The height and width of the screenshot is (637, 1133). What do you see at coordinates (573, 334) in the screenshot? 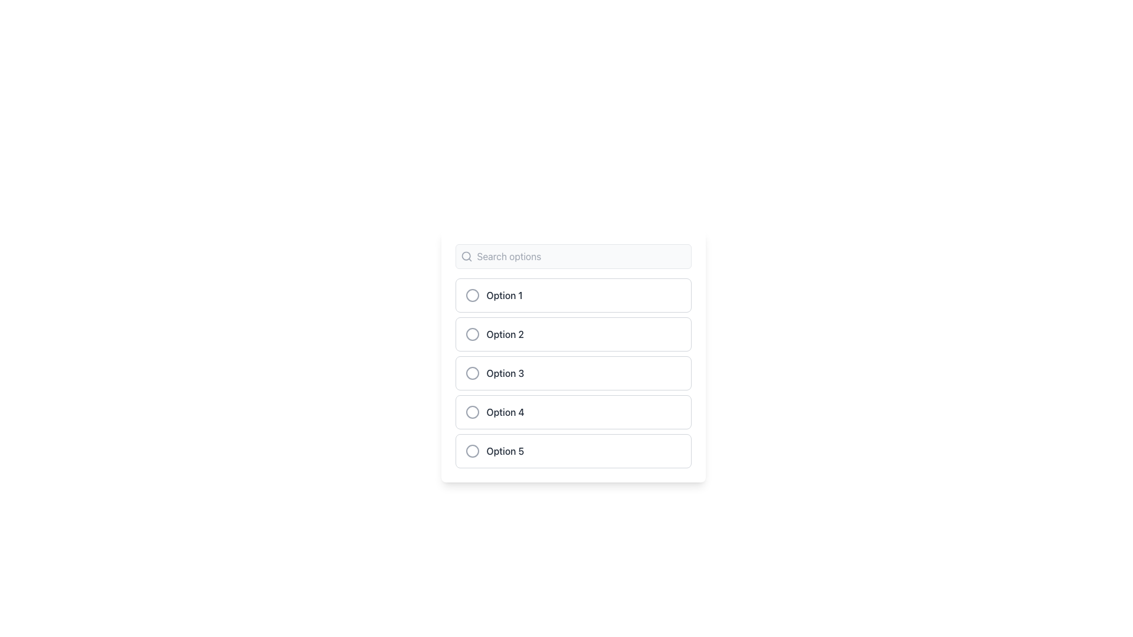
I see `the radio button labeled 'Option 2'` at bounding box center [573, 334].